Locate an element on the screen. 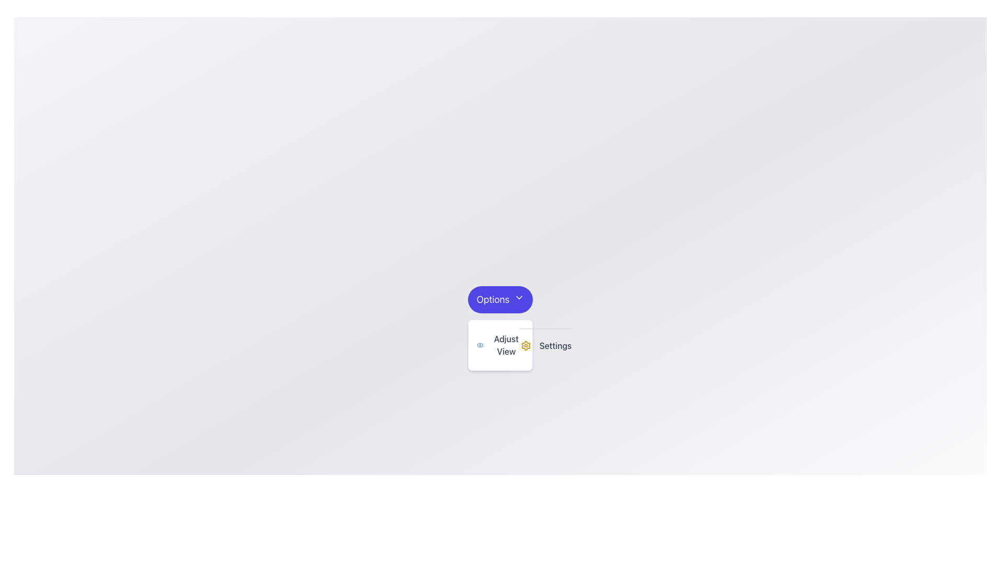  the purple 'Options' button with white text is located at coordinates (499, 300).